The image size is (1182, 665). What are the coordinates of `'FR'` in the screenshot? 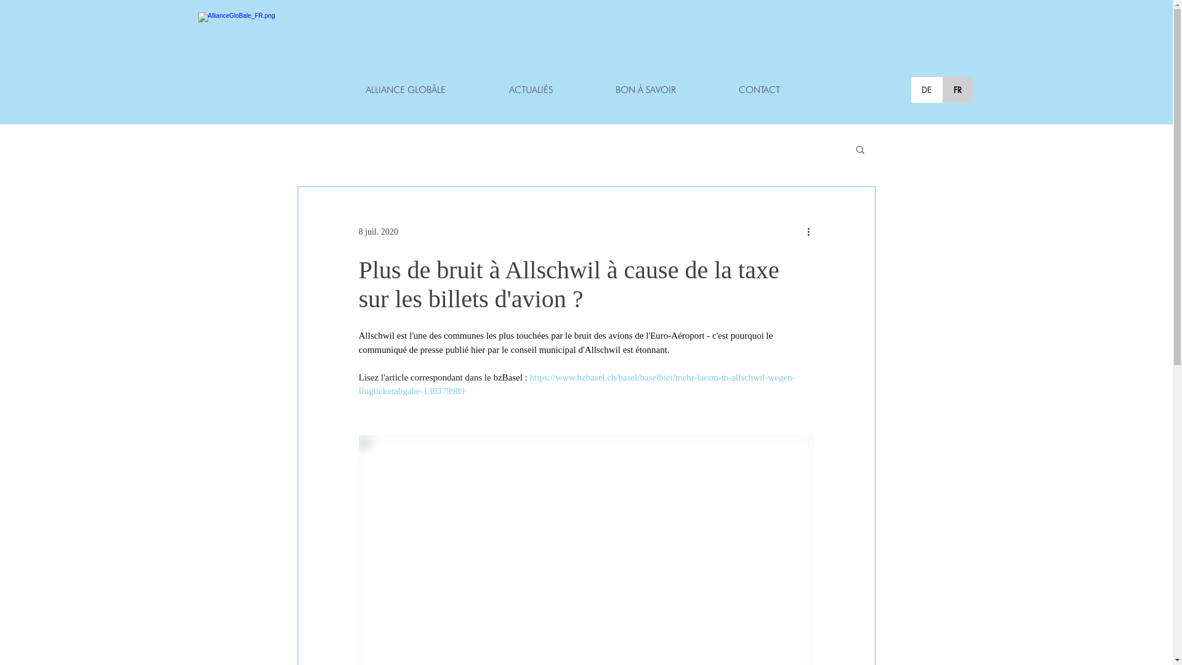 It's located at (956, 89).